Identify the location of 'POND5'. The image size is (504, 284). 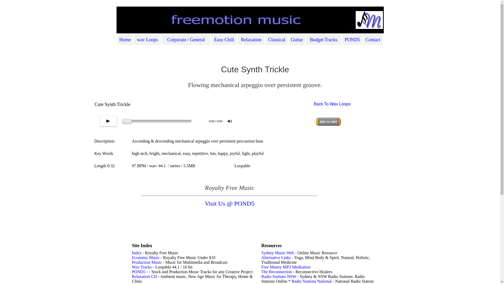
(139, 272).